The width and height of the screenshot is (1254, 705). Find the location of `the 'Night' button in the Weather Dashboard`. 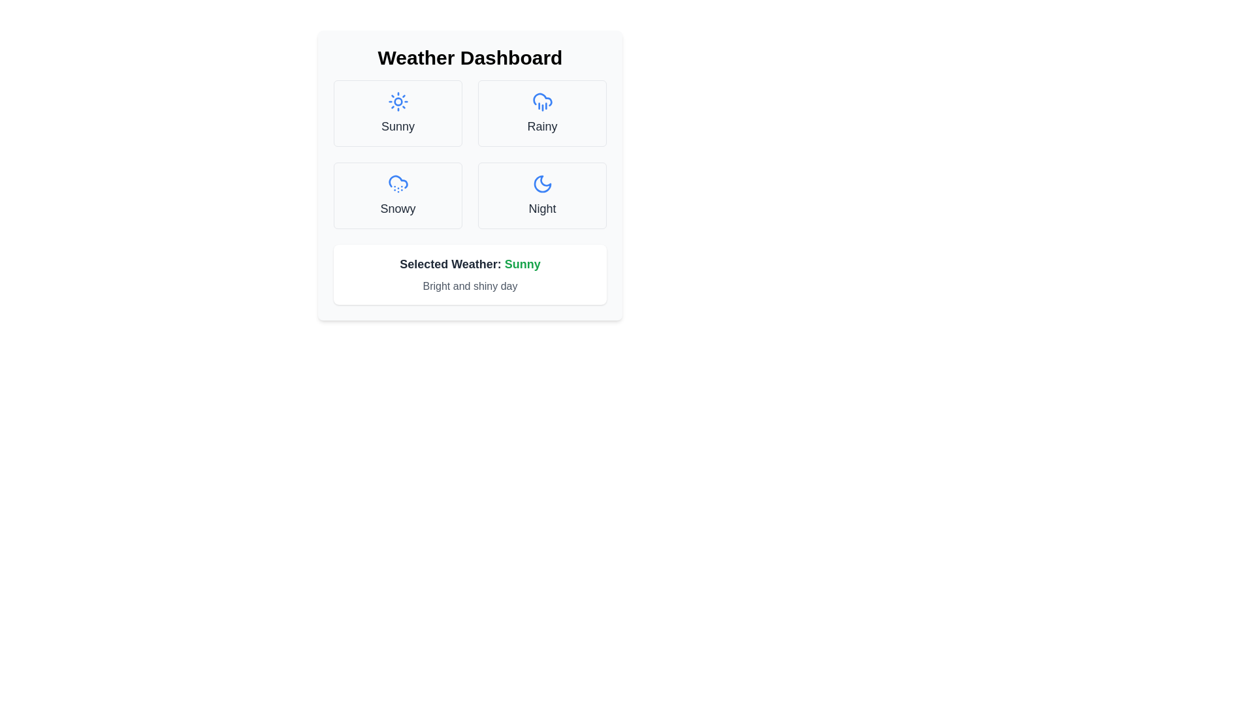

the 'Night' button in the Weather Dashboard is located at coordinates (542, 196).